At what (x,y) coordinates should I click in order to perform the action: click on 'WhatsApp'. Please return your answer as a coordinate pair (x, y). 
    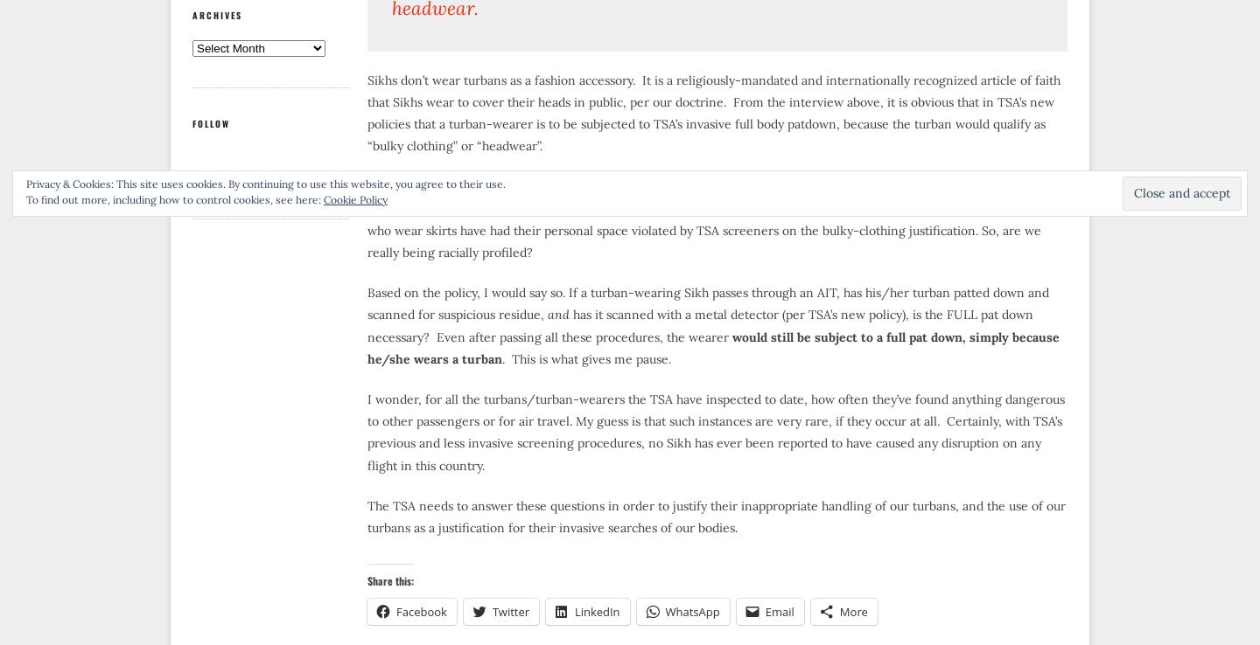
    Looking at the image, I should click on (691, 610).